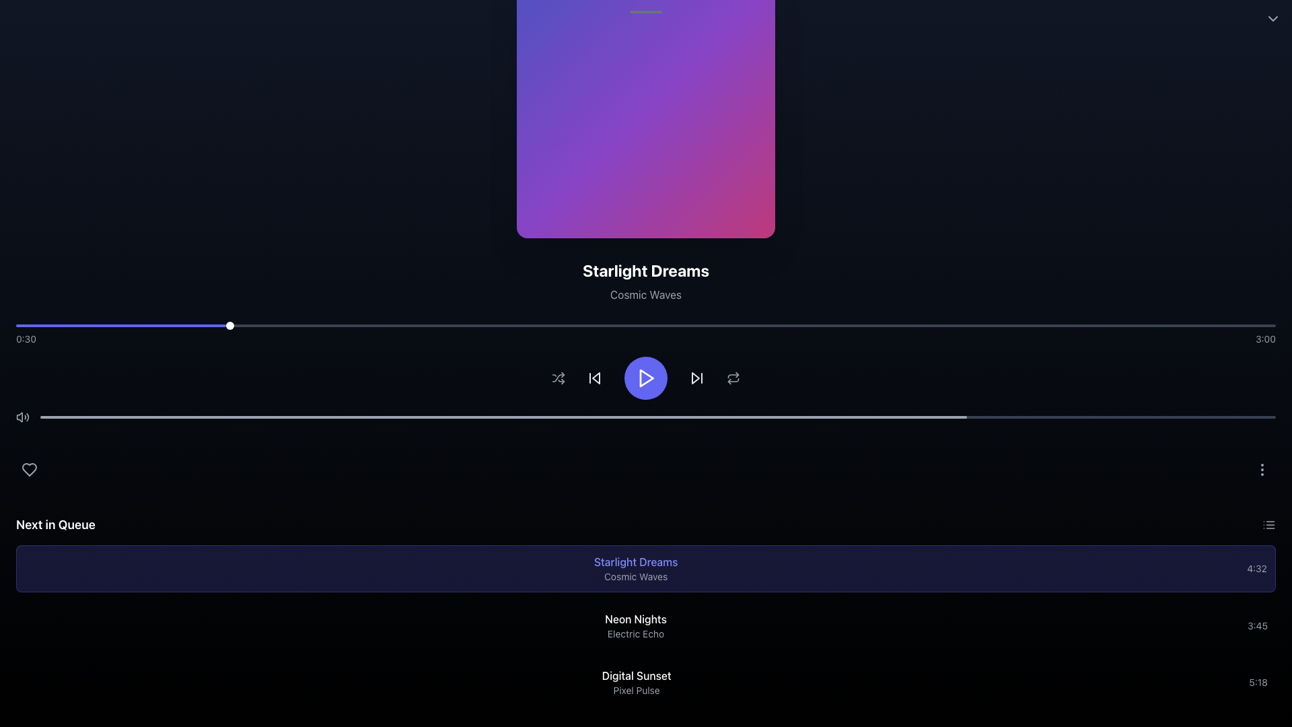 This screenshot has width=1292, height=727. Describe the element at coordinates (695, 378) in the screenshot. I see `the triangular arrow icon pointing to the right, which is part of the control section below the song cover` at that location.